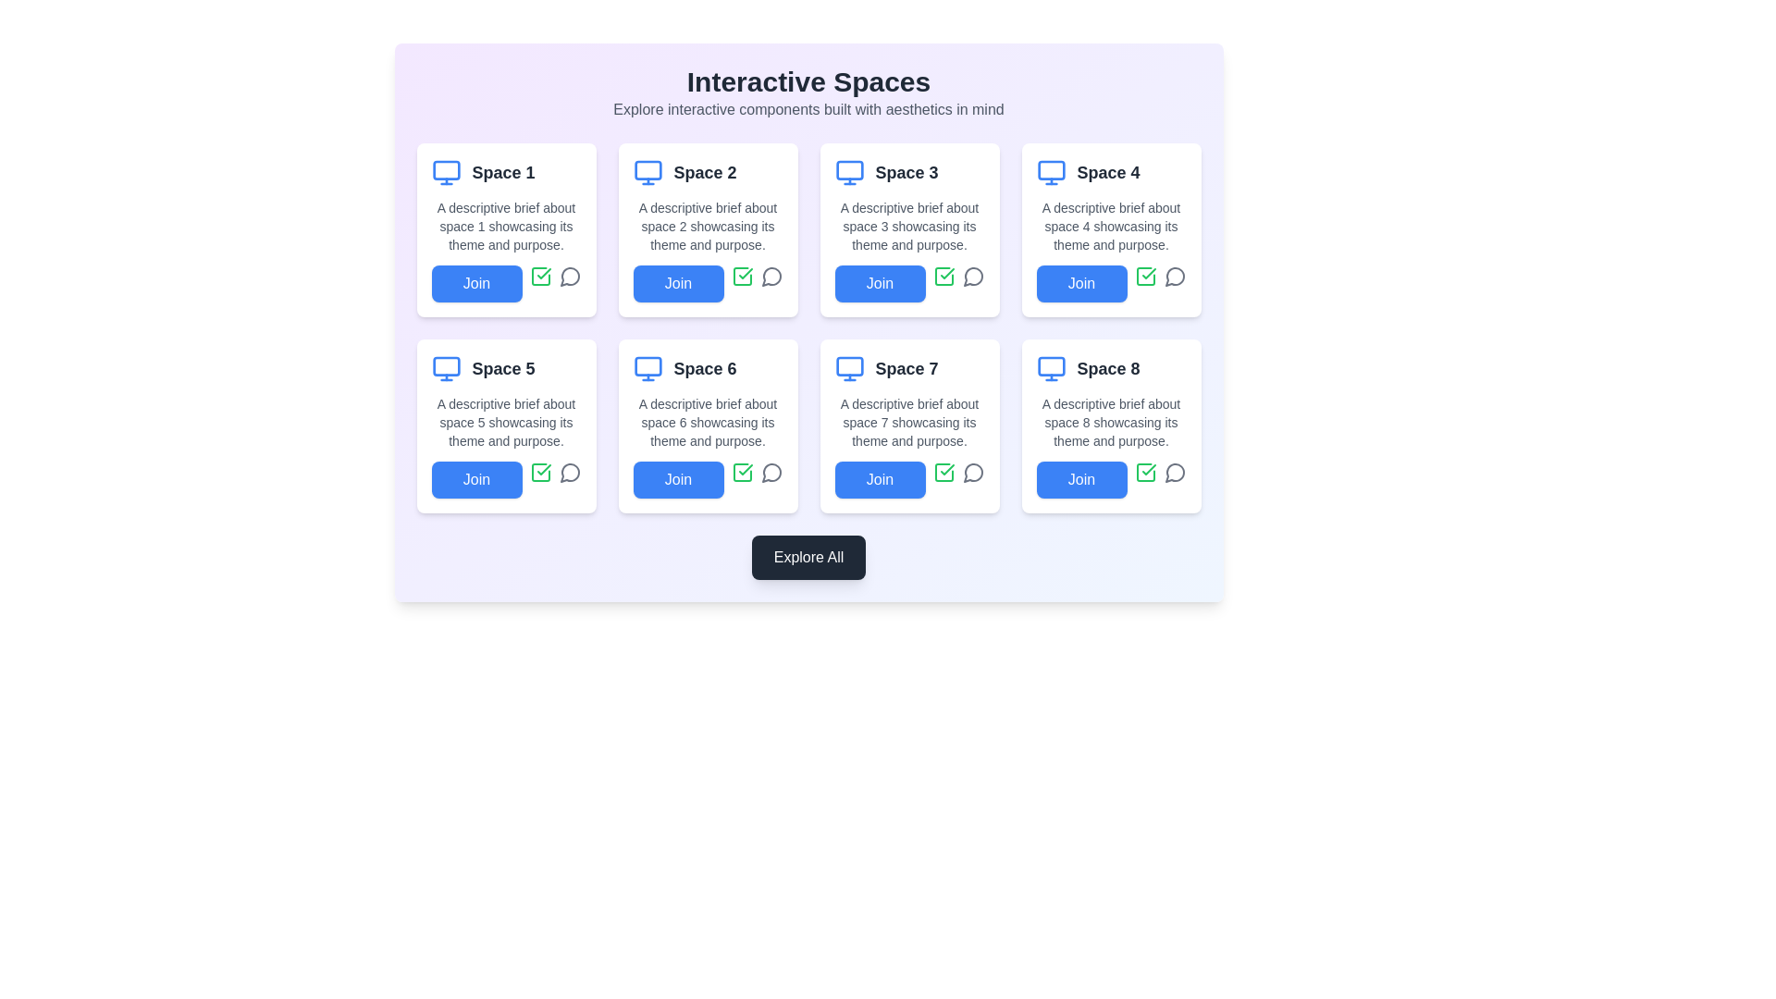  What do you see at coordinates (906, 368) in the screenshot?
I see `the title text of the seventh interactive space card located in the bottom-left part of the interface, positioned above the descriptive text and adjacent to the blue 'Join' button` at bounding box center [906, 368].